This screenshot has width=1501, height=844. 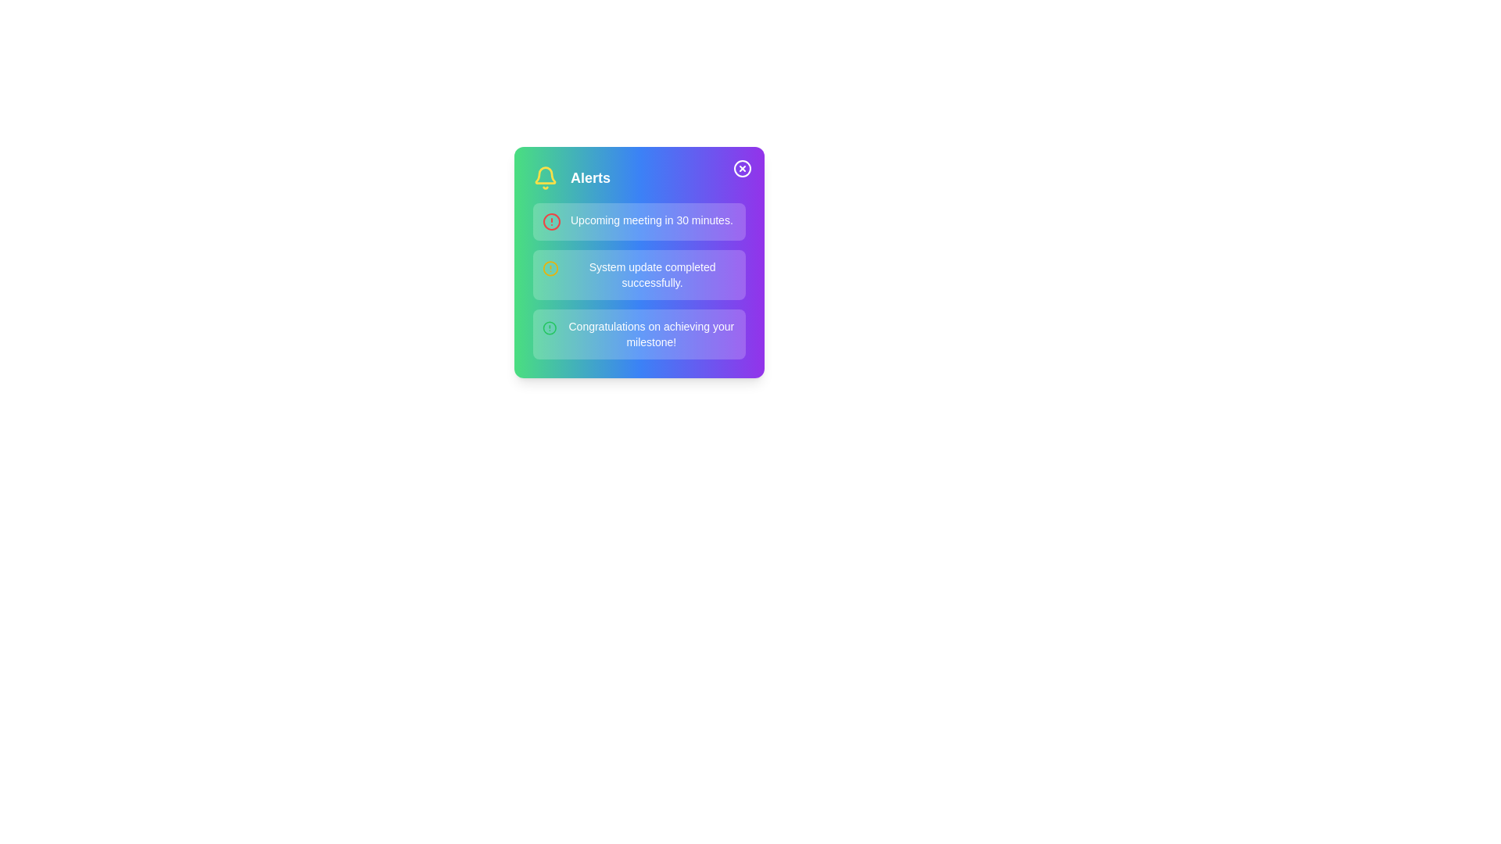 I want to click on the alert icon located to the left of the text 'Upcoming meeting in 30 minutes', so click(x=551, y=222).